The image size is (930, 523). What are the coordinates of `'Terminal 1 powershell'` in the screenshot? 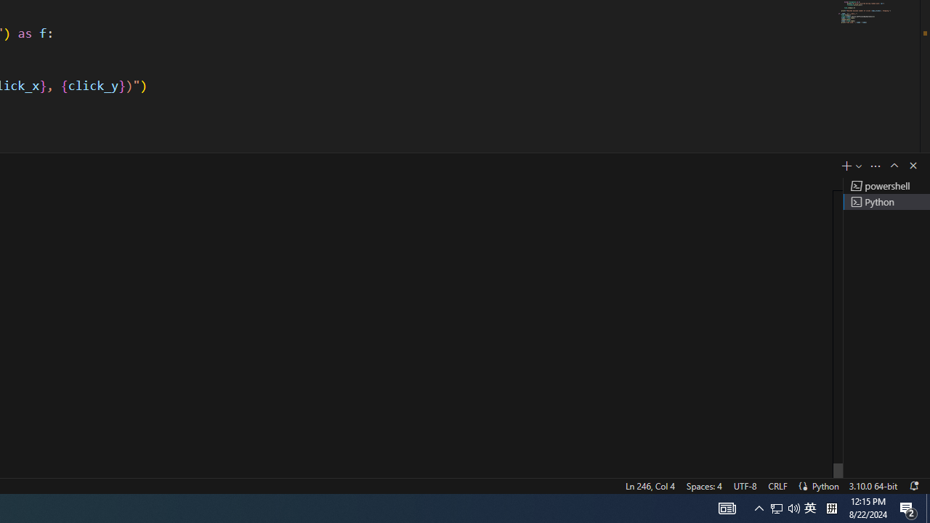 It's located at (886, 185).